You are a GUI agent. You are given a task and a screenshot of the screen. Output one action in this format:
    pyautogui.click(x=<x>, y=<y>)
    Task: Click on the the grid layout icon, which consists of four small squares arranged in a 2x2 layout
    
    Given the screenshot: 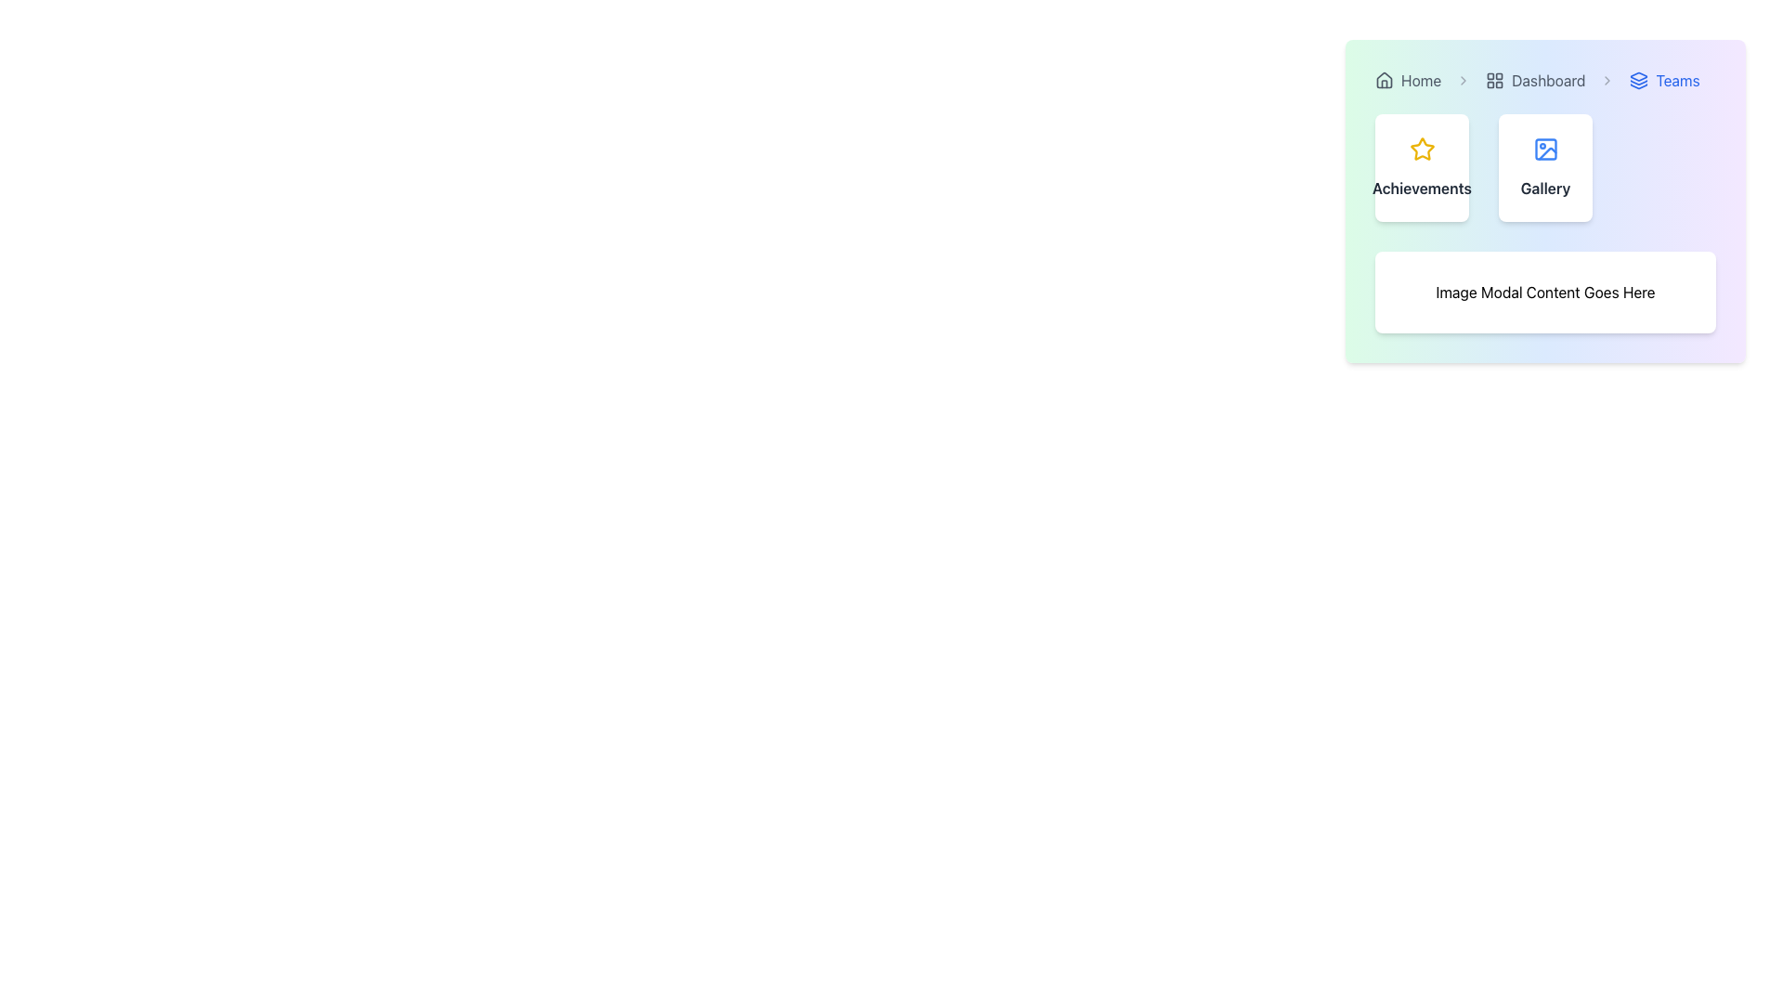 What is the action you would take?
    pyautogui.click(x=1494, y=80)
    